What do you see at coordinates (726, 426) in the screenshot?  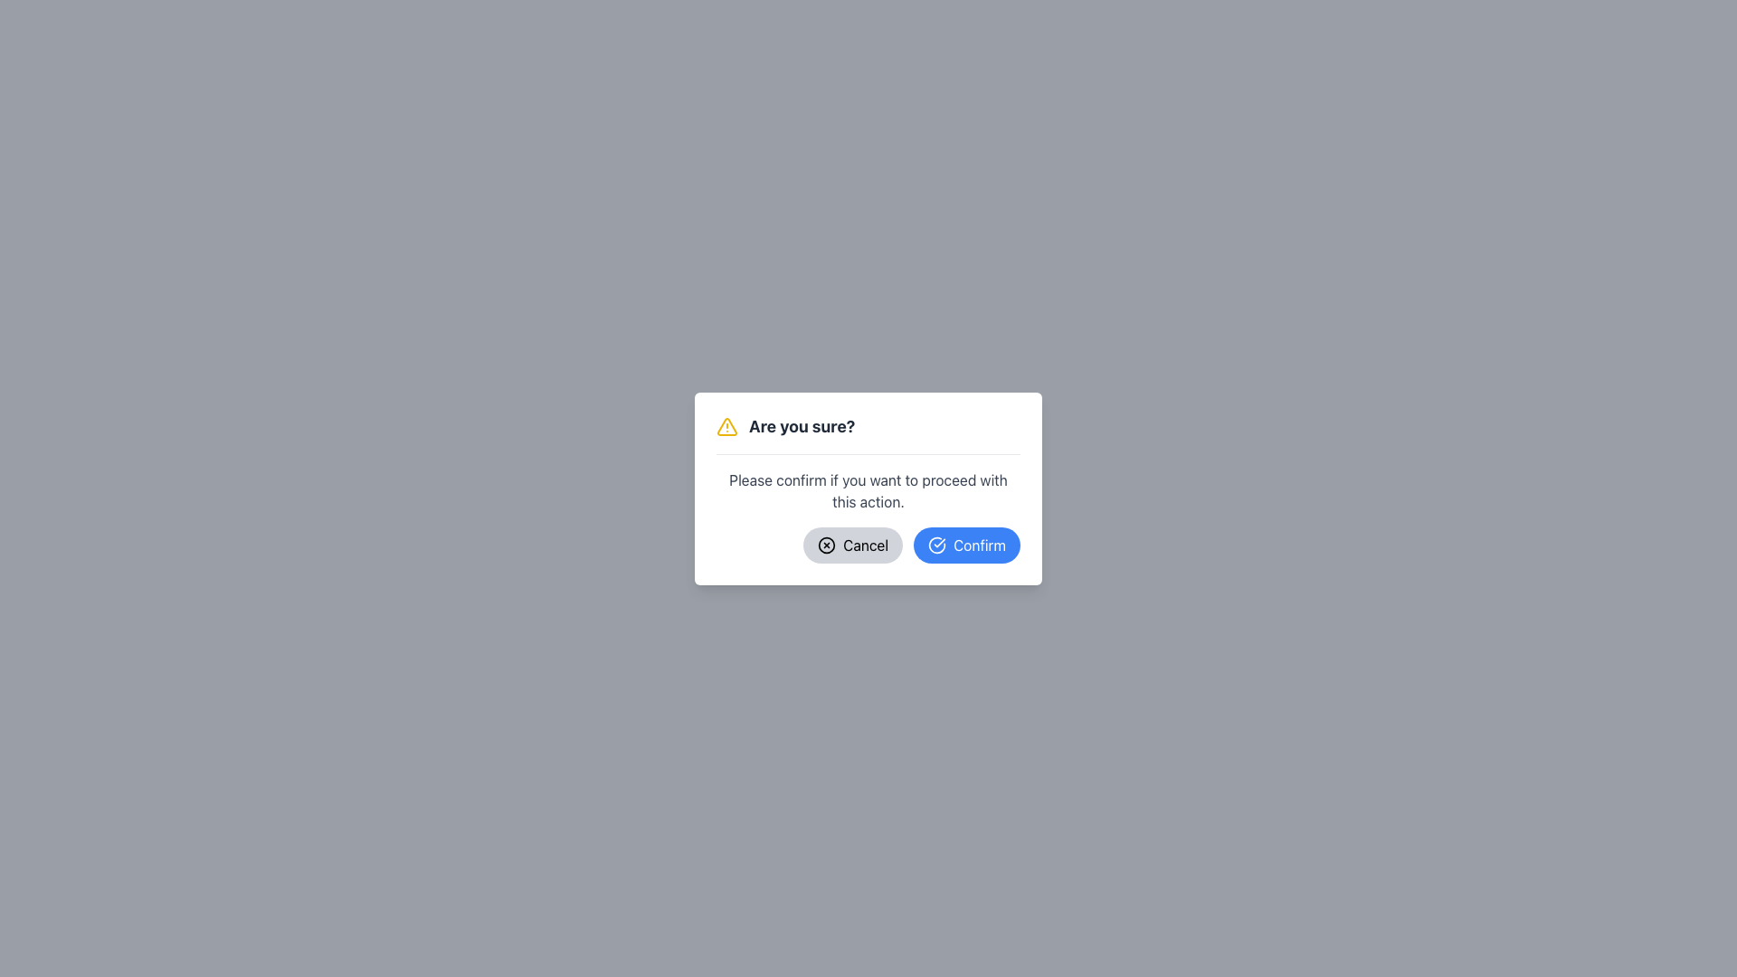 I see `the caution icon located in the top left corner of the dialog box, just above the title 'Are you sure?'` at bounding box center [726, 426].